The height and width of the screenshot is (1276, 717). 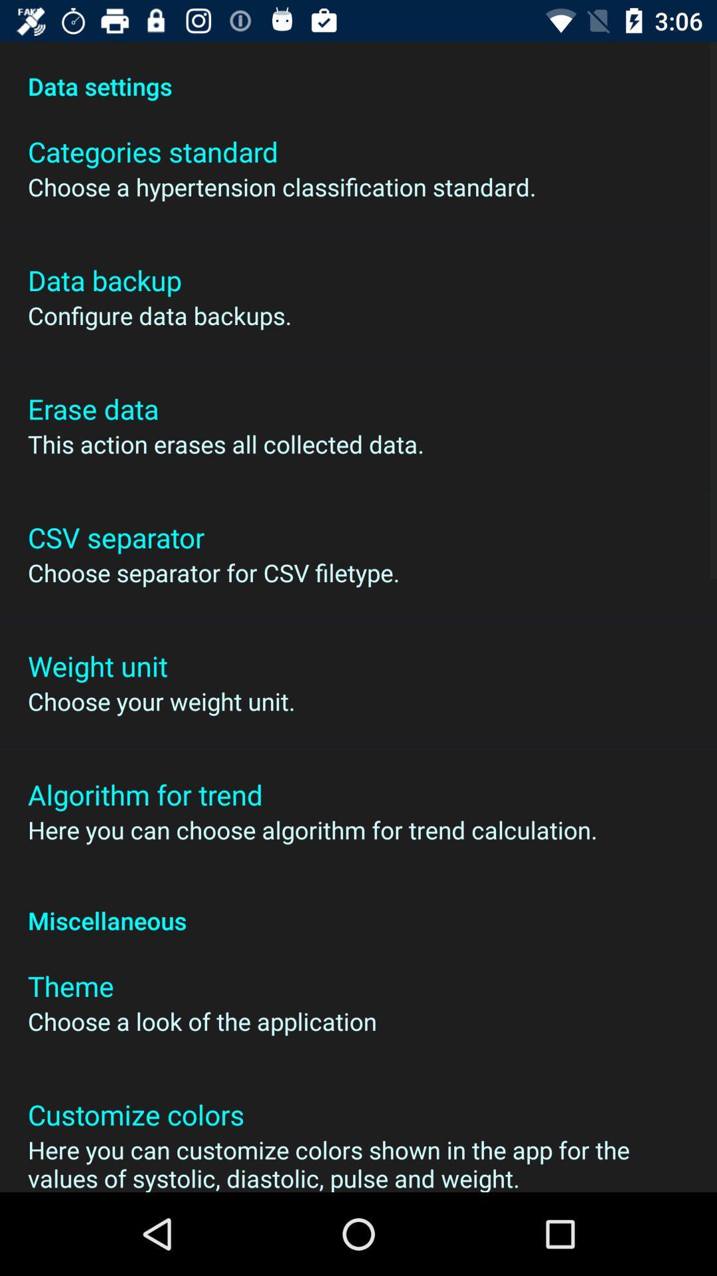 What do you see at coordinates (159, 314) in the screenshot?
I see `the icon above the erase data` at bounding box center [159, 314].